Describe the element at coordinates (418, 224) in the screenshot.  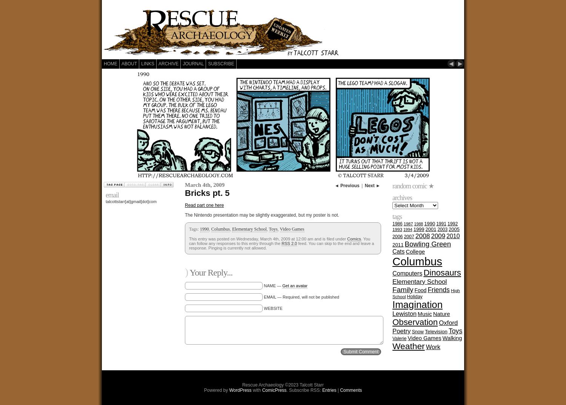
I see `'1988'` at that location.